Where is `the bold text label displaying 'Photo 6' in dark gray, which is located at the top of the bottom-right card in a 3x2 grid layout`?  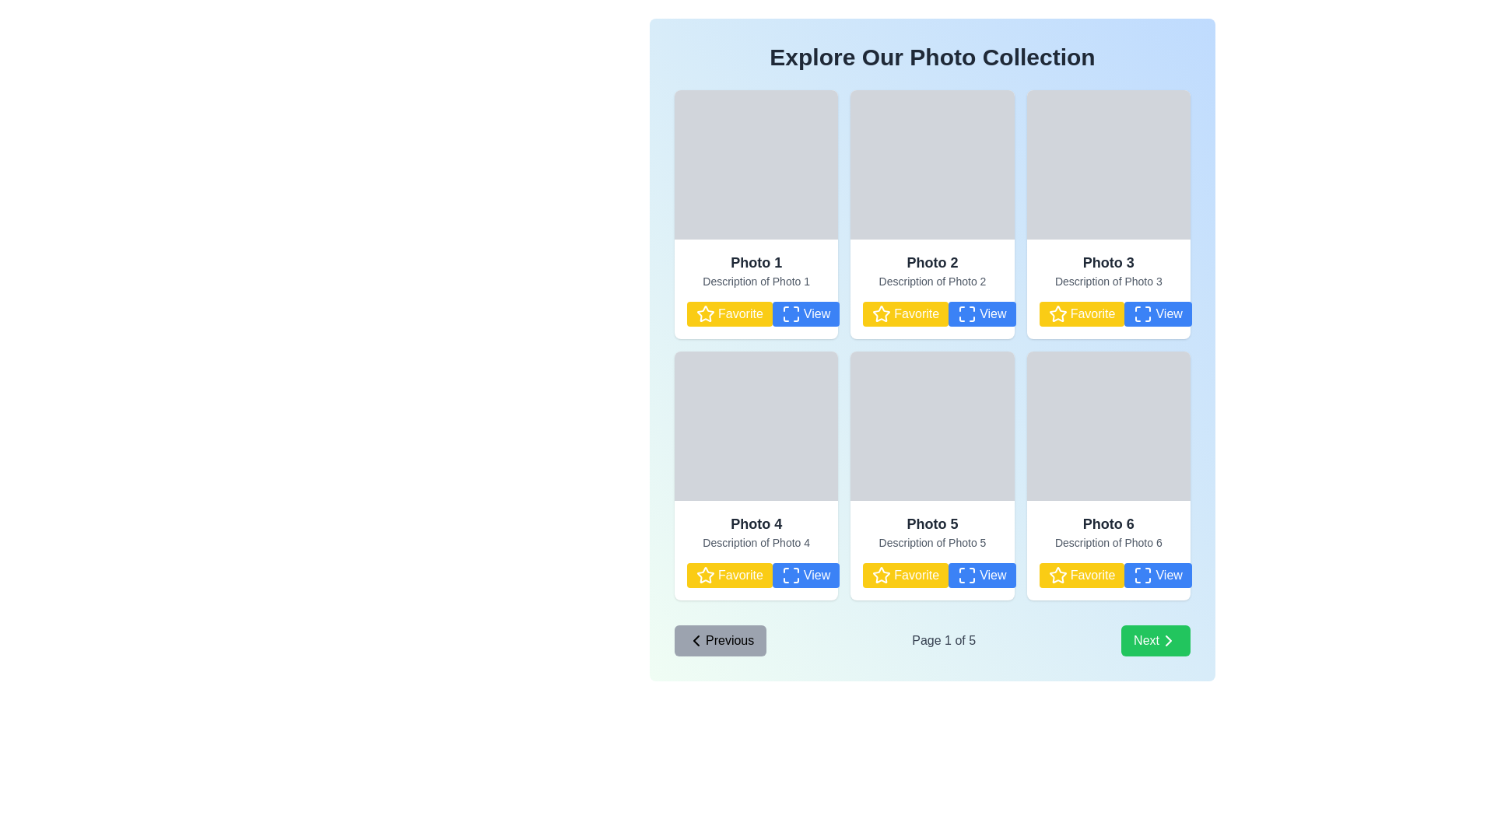
the bold text label displaying 'Photo 6' in dark gray, which is located at the top of the bottom-right card in a 3x2 grid layout is located at coordinates (1107, 524).